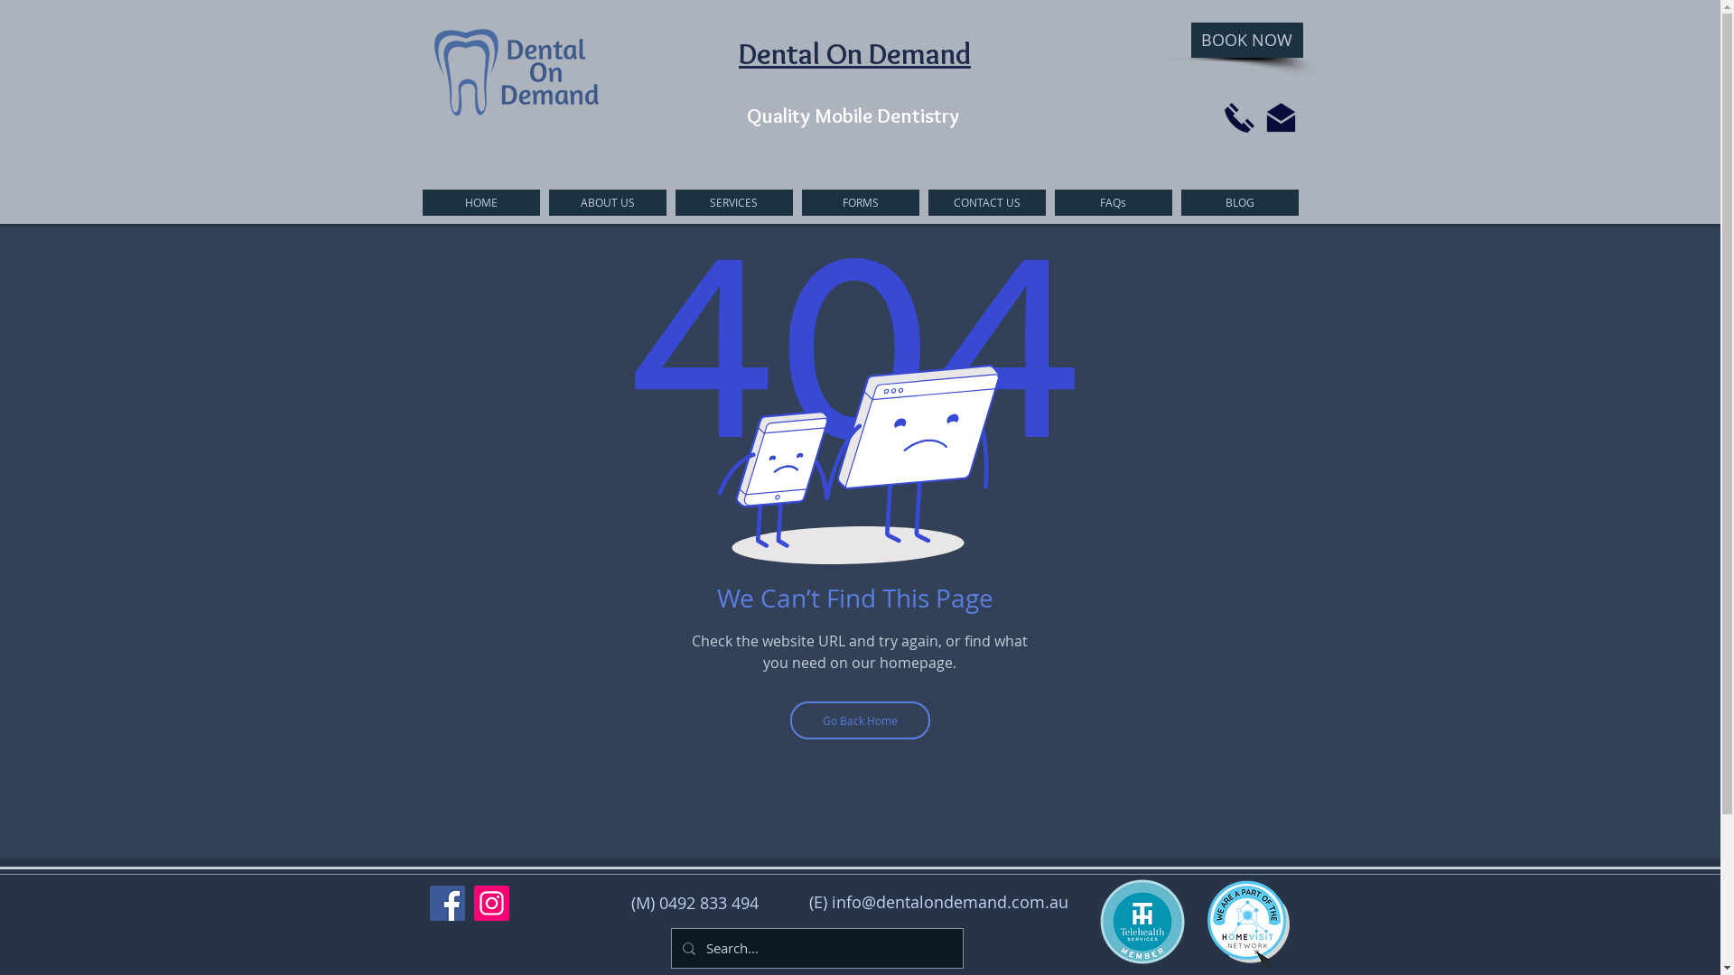 This screenshot has height=975, width=1734. I want to click on 'BLOG', so click(1181, 202).